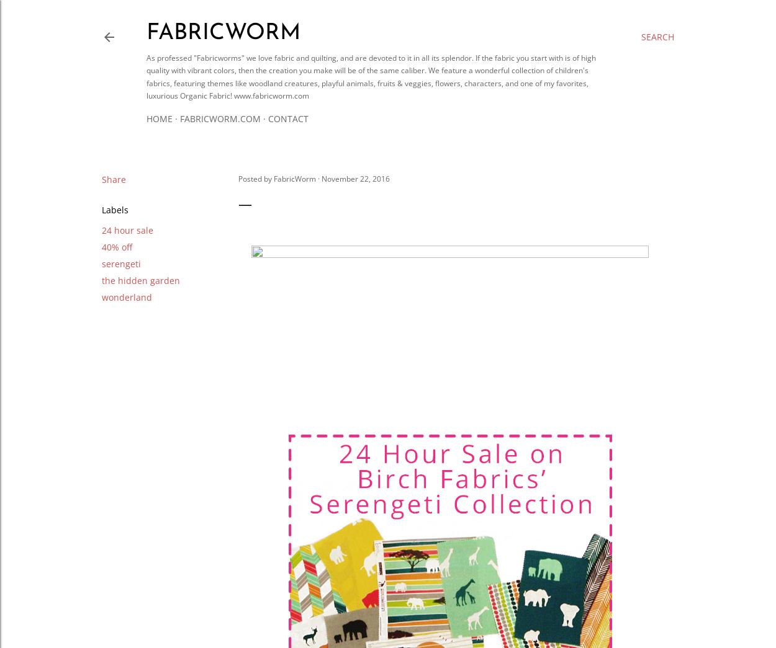 The image size is (776, 648). What do you see at coordinates (126, 296) in the screenshot?
I see `'wonderland'` at bounding box center [126, 296].